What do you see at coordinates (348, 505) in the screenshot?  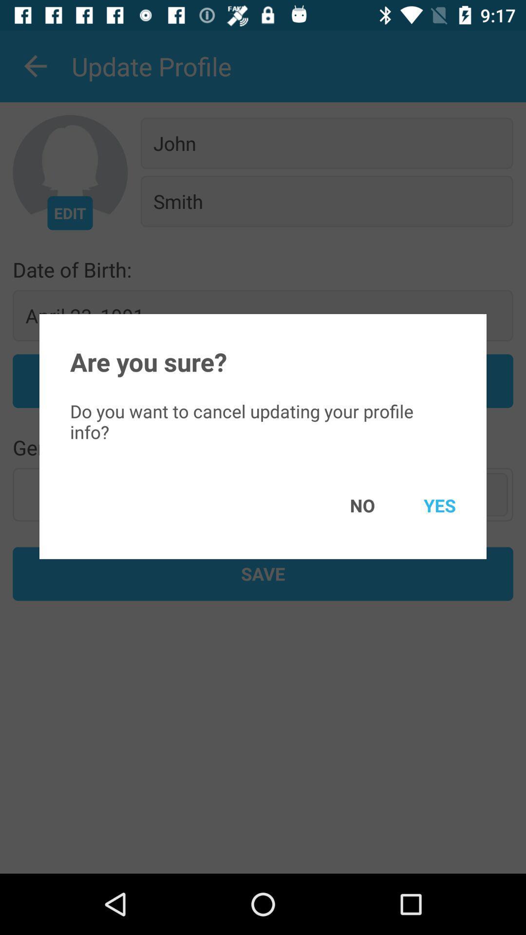 I see `no` at bounding box center [348, 505].